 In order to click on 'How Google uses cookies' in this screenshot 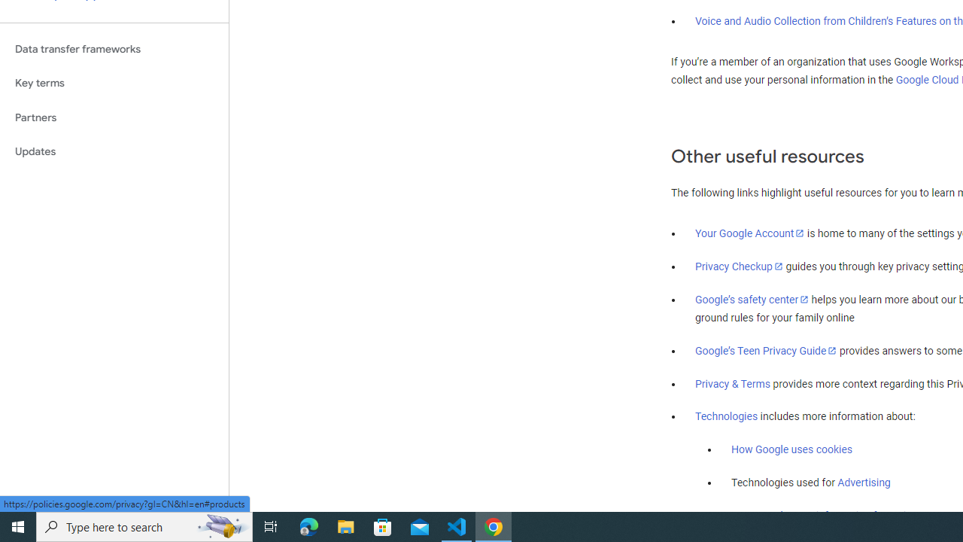, I will do `click(791, 449)`.